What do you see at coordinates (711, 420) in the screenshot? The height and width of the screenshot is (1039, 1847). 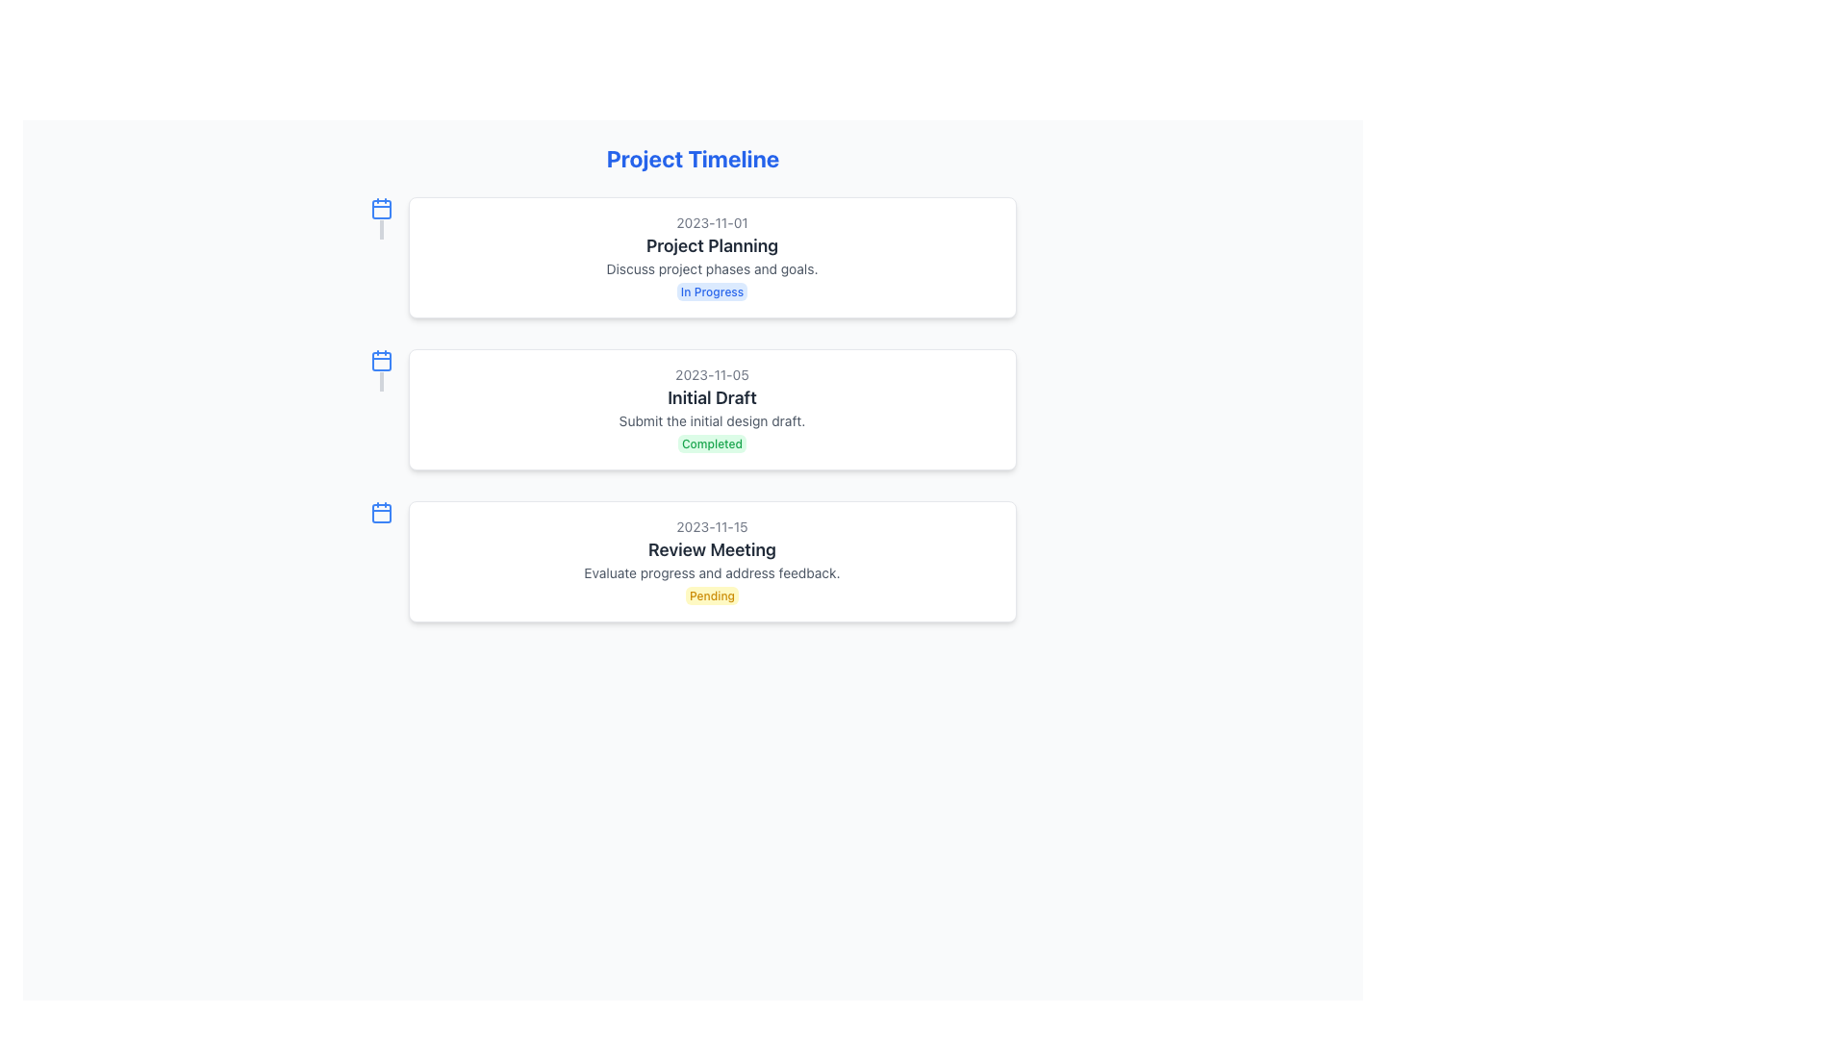 I see `the static text label displaying 'Submit the initial design draft.' located under the 'Initial Draft.' title in the second section of the timeline interface` at bounding box center [711, 420].